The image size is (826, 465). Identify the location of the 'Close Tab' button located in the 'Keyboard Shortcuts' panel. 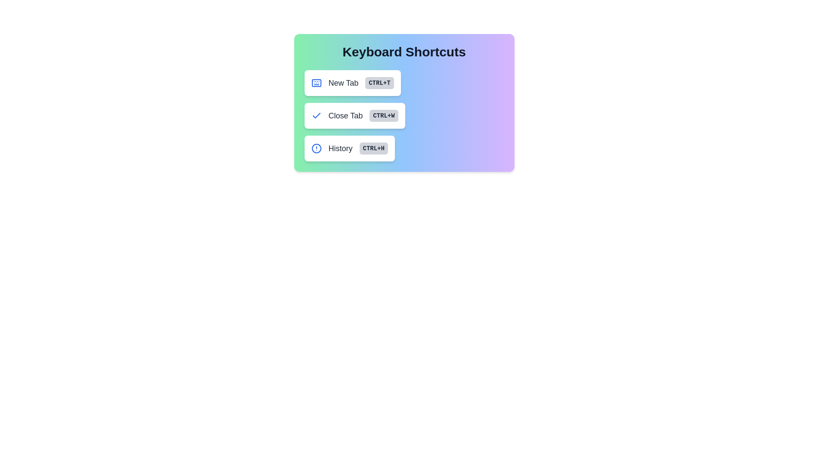
(404, 115).